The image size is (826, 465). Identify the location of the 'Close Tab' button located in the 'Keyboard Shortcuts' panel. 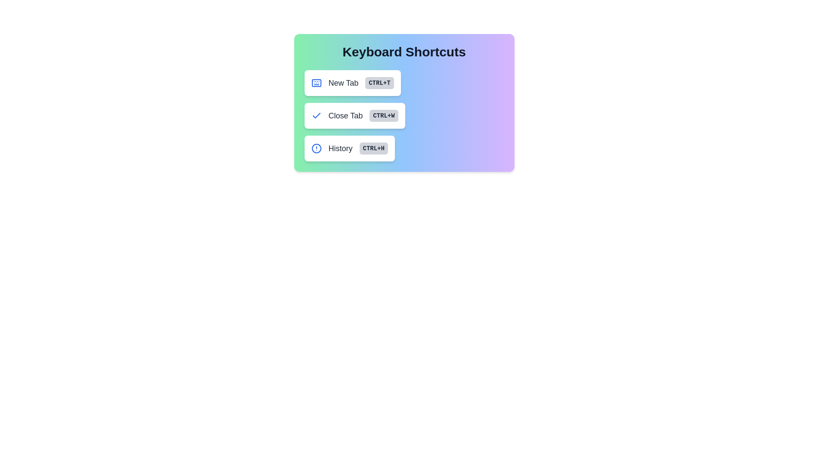
(404, 115).